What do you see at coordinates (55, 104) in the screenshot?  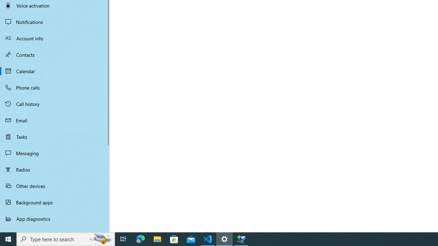 I see `'Call history'` at bounding box center [55, 104].